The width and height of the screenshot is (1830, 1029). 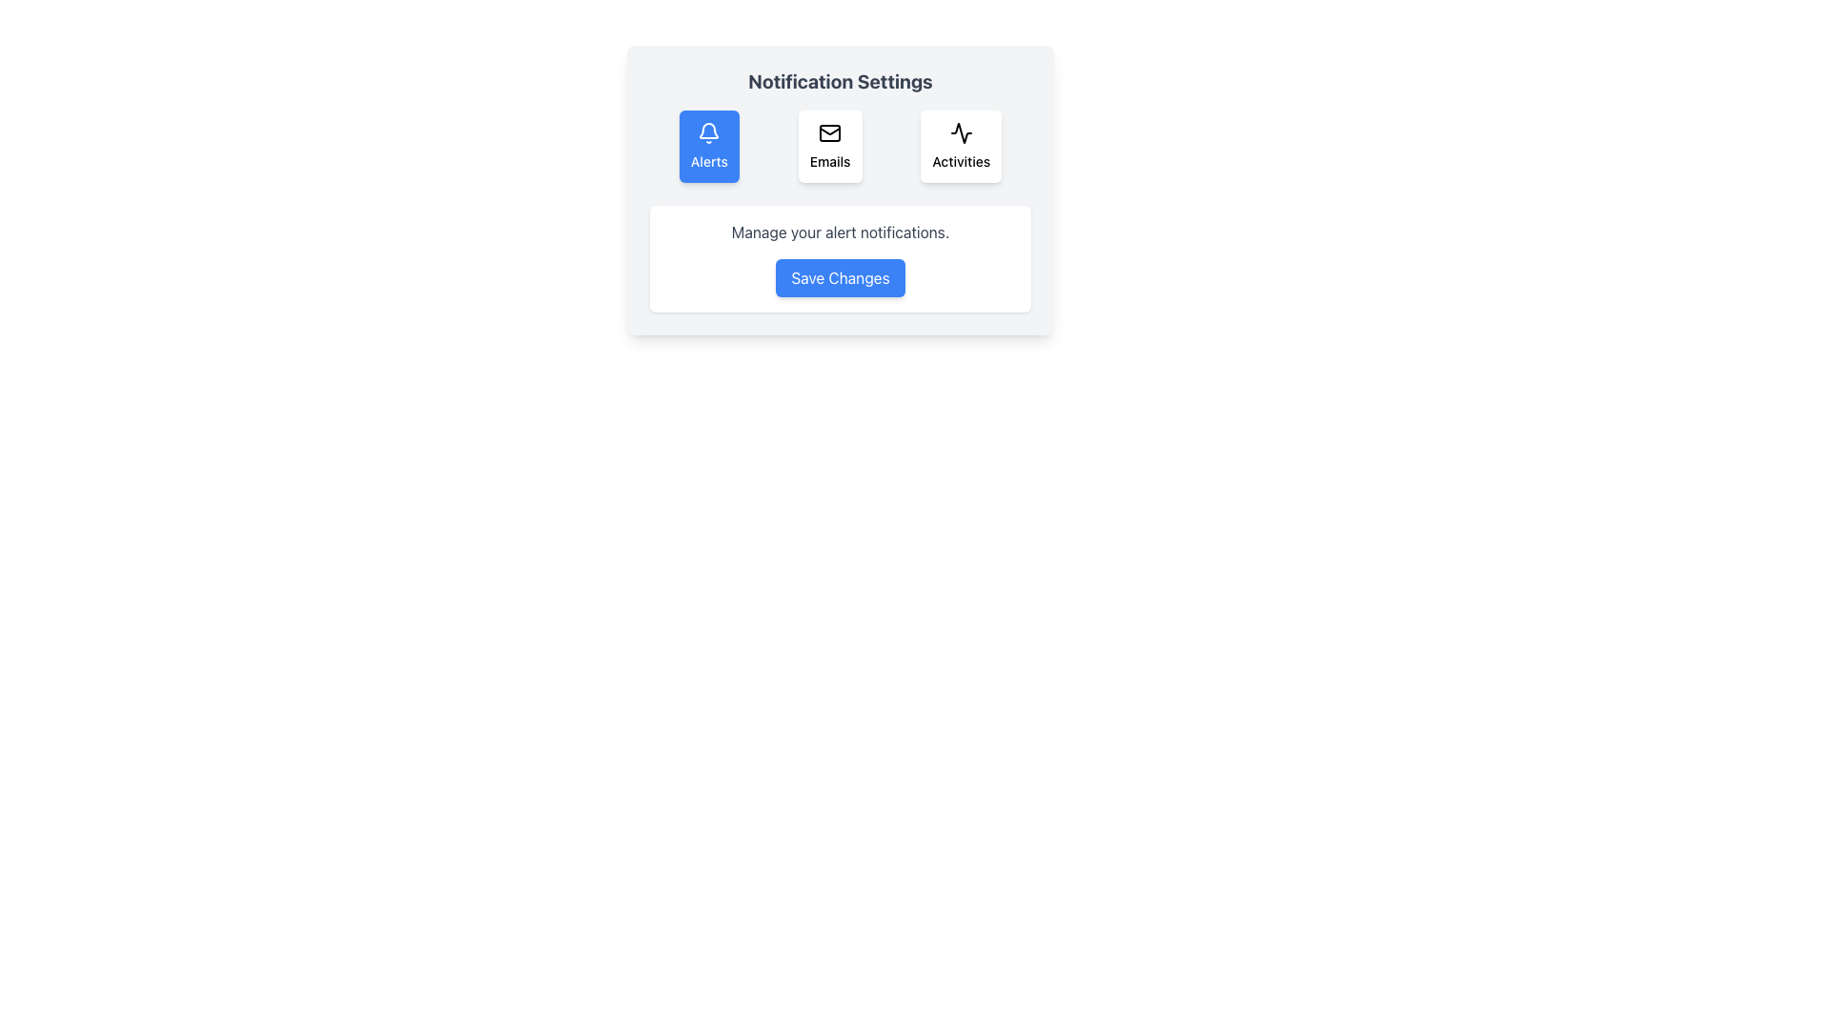 What do you see at coordinates (840, 231) in the screenshot?
I see `the Text Label that provides explanatory information about alert notifications, located under the 'Notification Settings' heading, above the 'Save Changes' button` at bounding box center [840, 231].